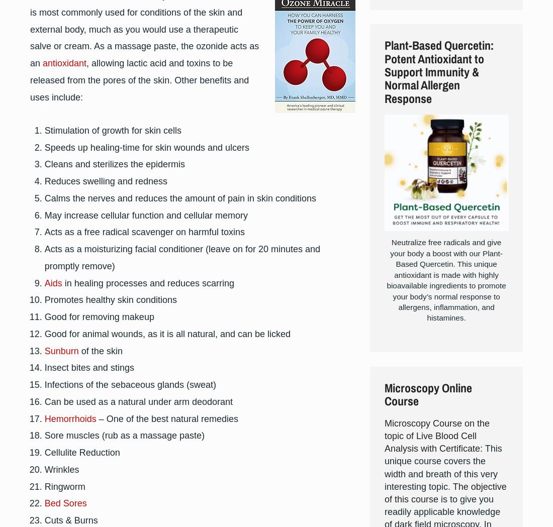  I want to click on 'Good for animal wounds, as it is all natural, and can be licked', so click(166, 333).